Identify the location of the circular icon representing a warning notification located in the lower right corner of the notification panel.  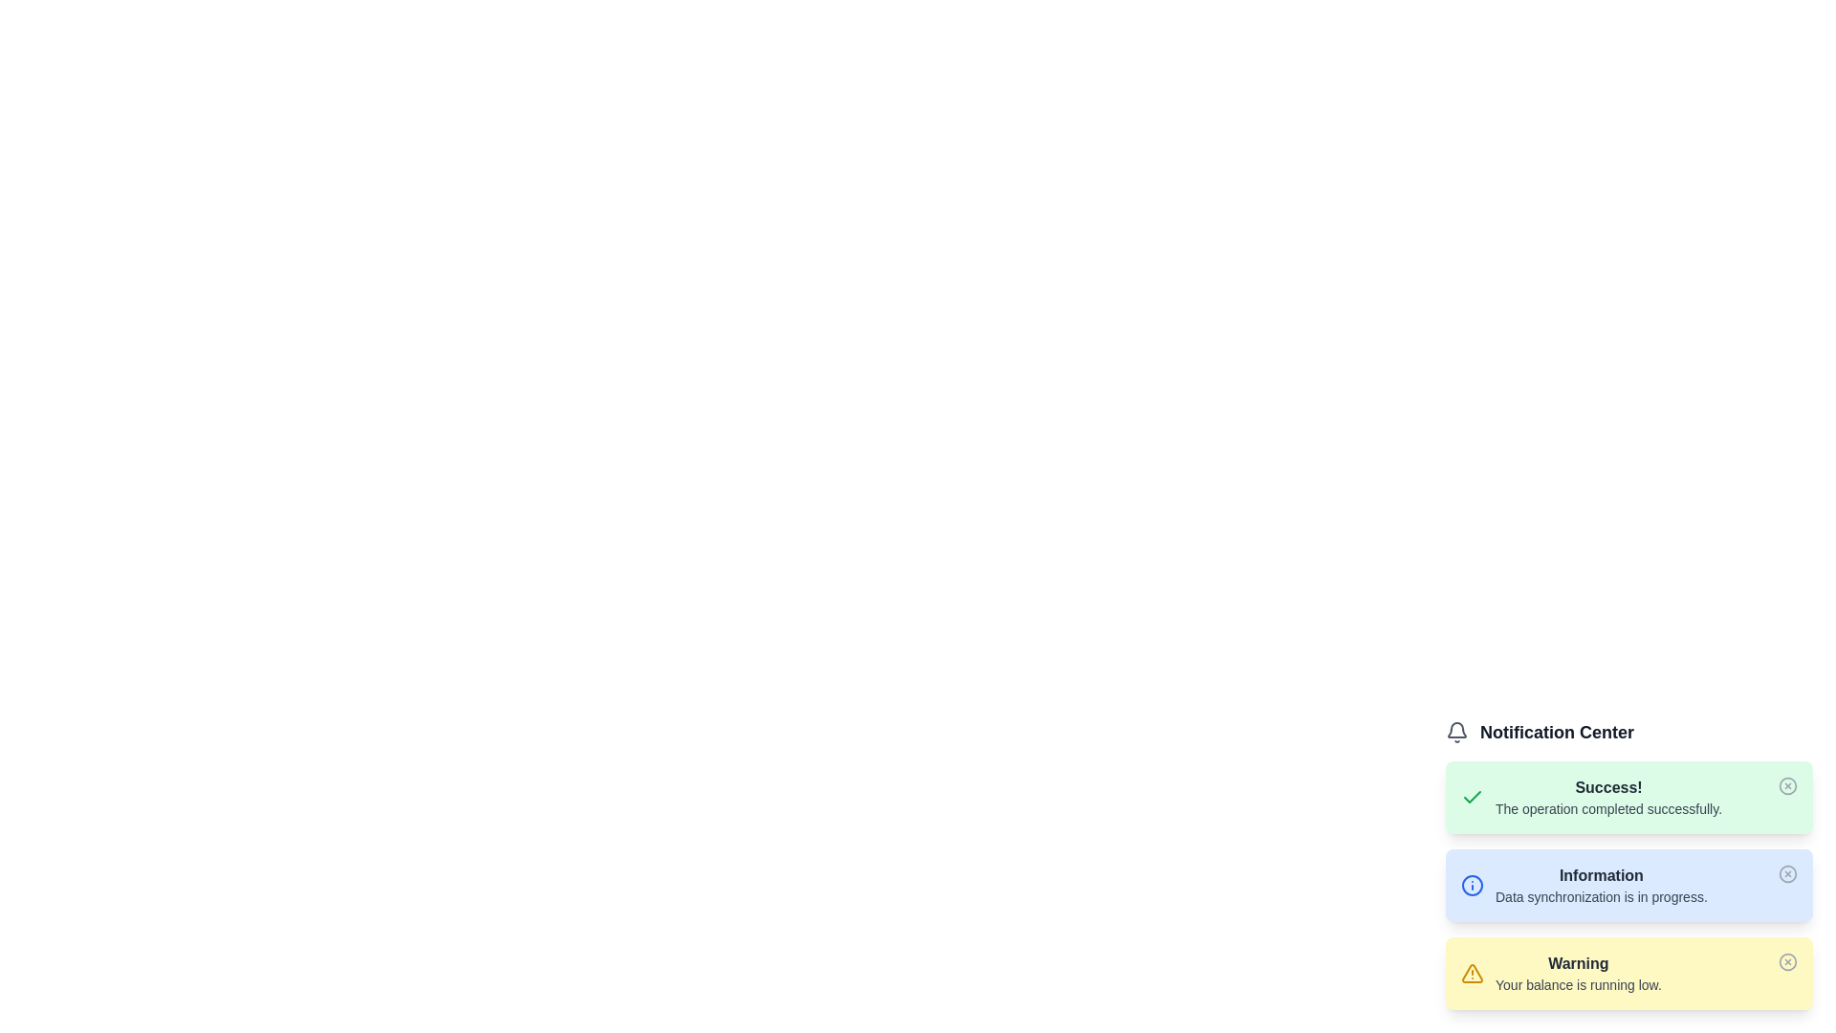
(1787, 962).